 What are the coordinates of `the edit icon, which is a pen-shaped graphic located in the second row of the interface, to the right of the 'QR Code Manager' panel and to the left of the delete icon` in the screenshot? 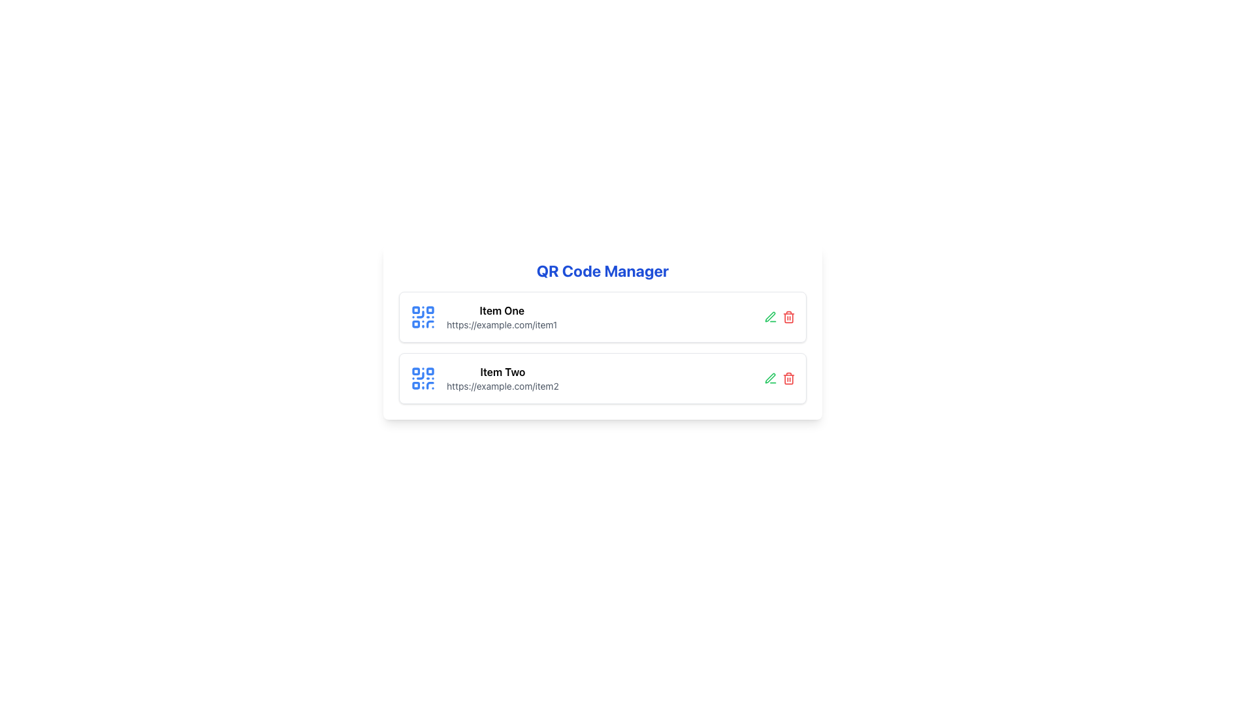 It's located at (770, 317).